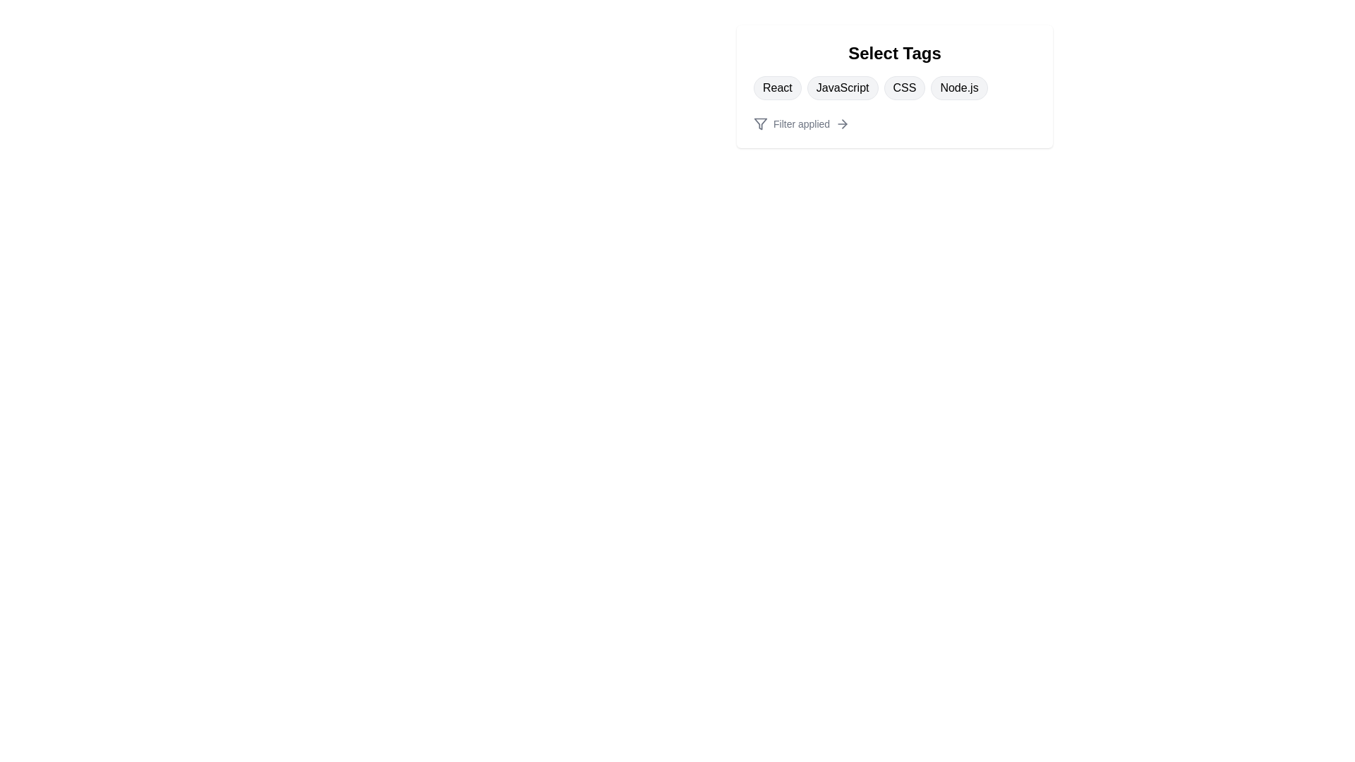 This screenshot has width=1355, height=762. I want to click on the filter icon, which is a stylized funnel with a wireframe appearance located at the leftmost part of the 'Filter applied' section, so click(760, 123).